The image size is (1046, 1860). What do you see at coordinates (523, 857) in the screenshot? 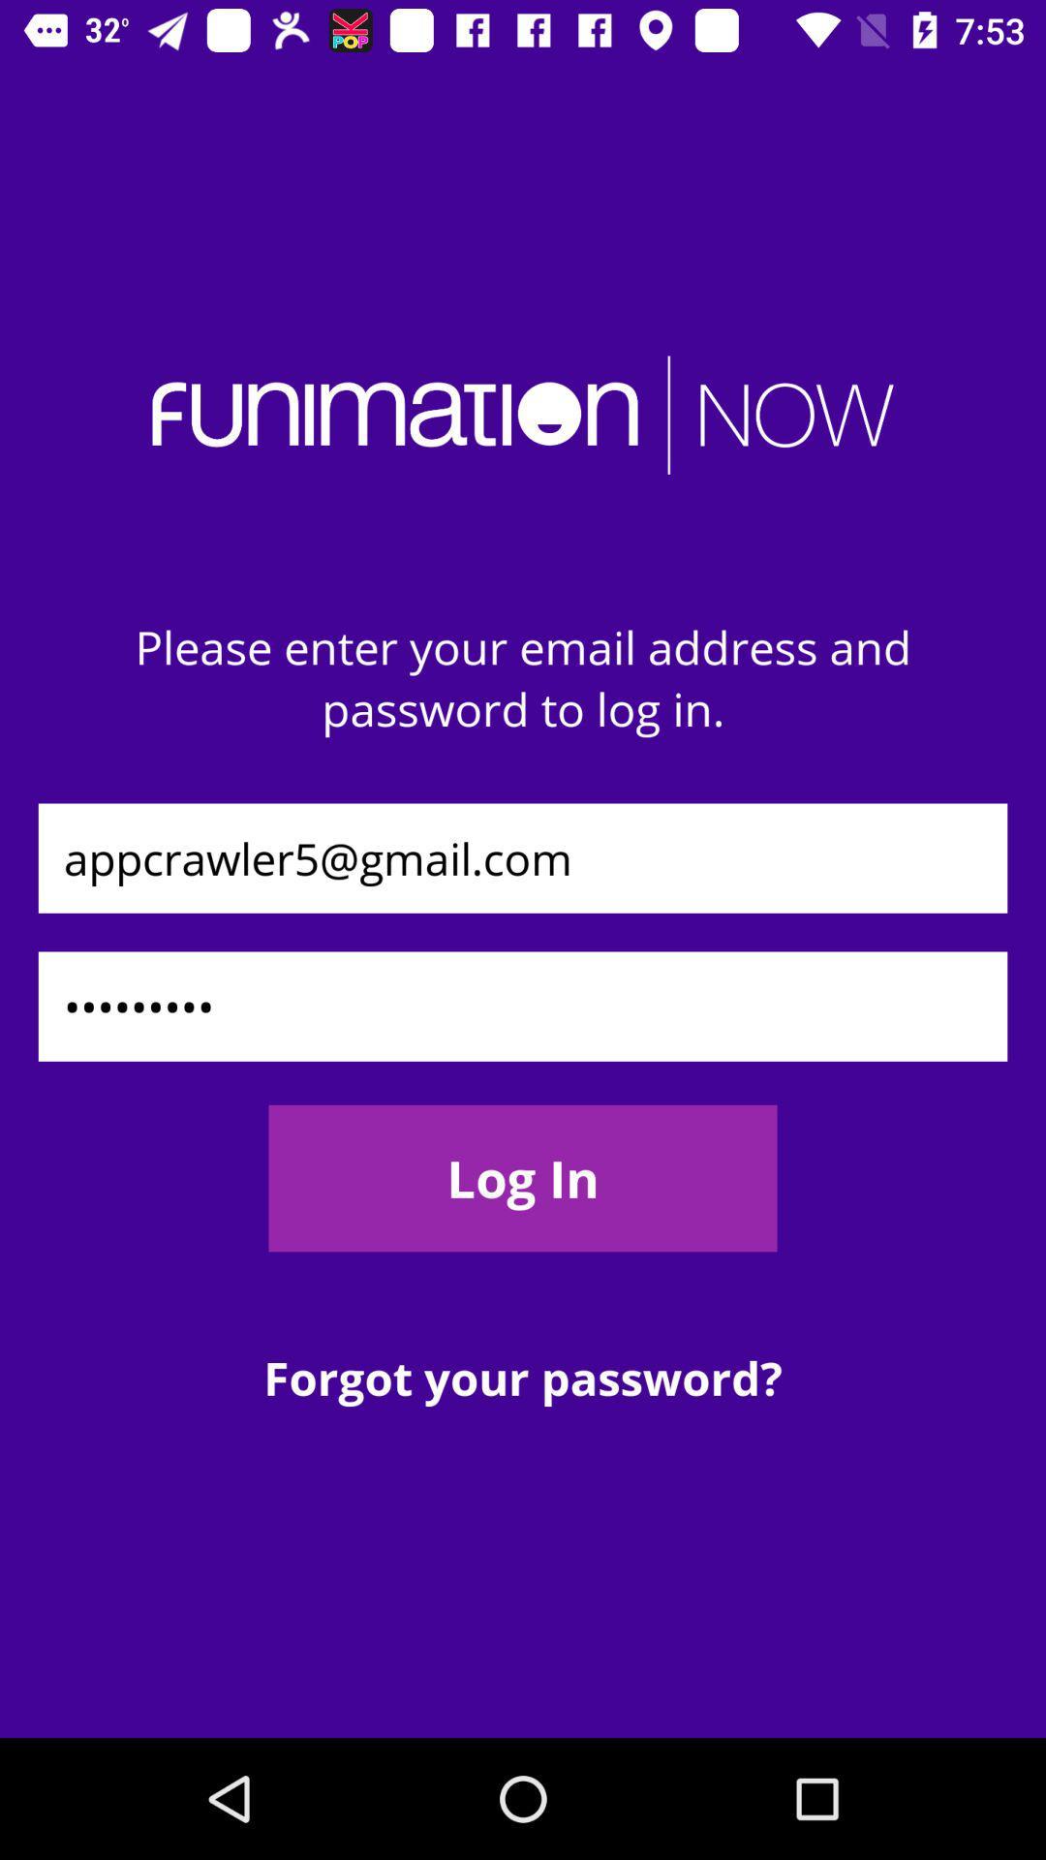
I see `appcrawler5@gmail.com item` at bounding box center [523, 857].